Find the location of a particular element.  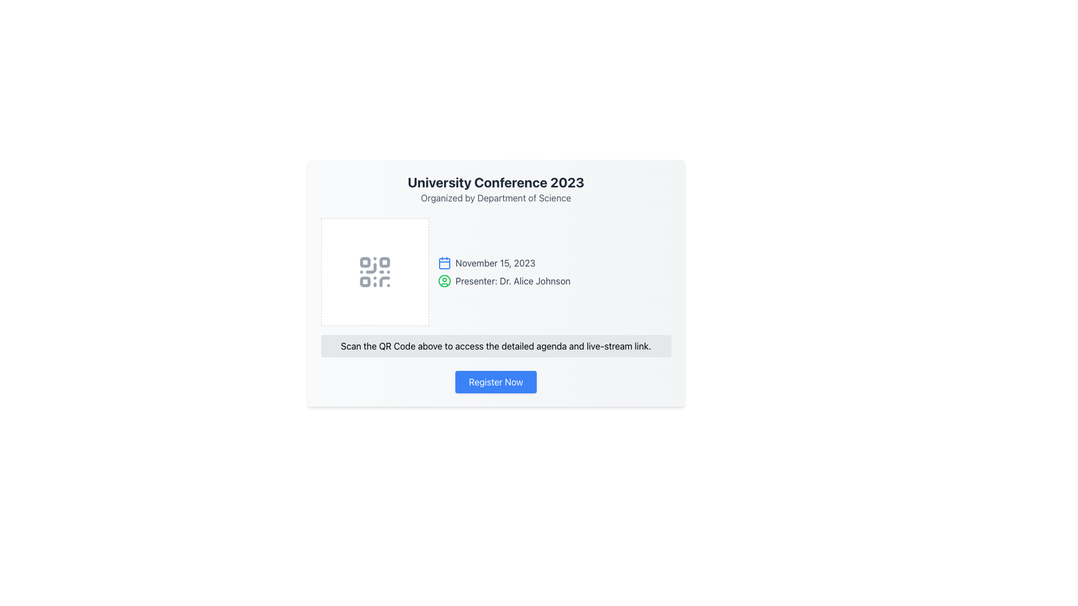

the text label displaying 'Presenter: Dr. Alice Johnson', which is located to the right of a green circular icon and is positioned below the date information and above the QR code label is located at coordinates (512, 281).